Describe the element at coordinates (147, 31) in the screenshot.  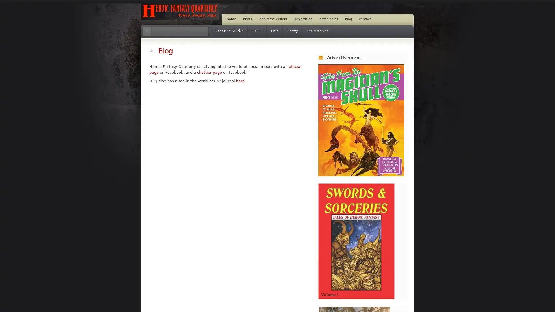
I see `Search` at that location.